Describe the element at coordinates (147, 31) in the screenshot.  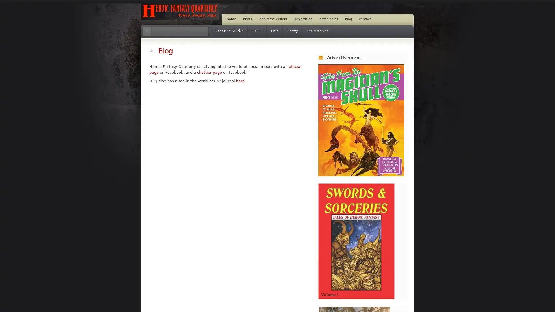
I see `Search` at that location.